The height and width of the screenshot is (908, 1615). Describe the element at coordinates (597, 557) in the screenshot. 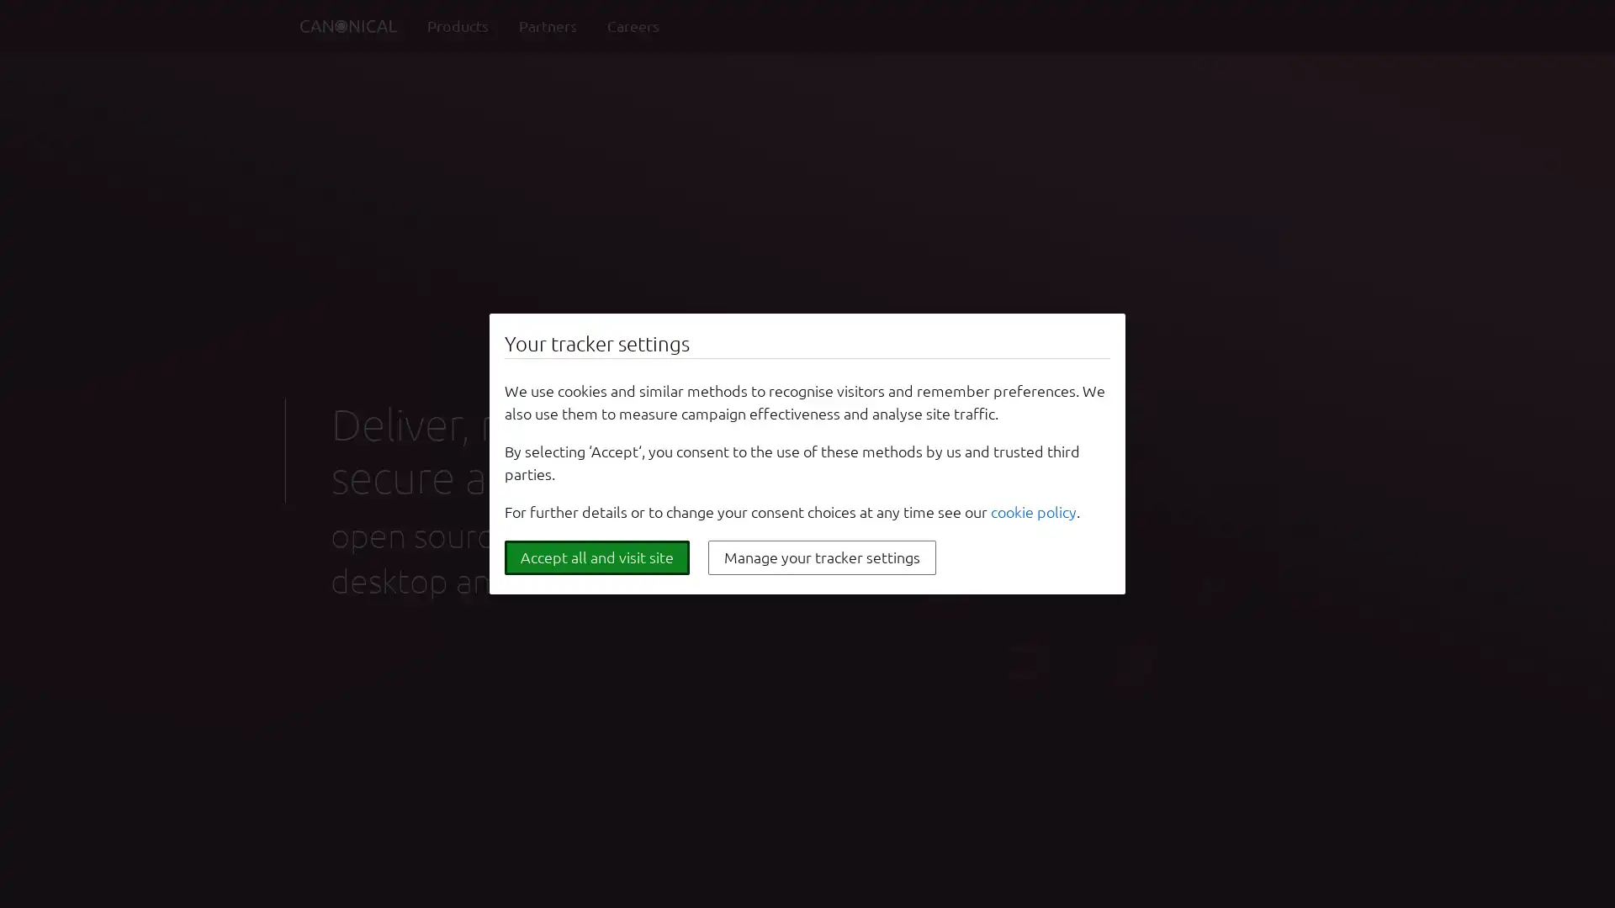

I see `Accept all and visit site` at that location.